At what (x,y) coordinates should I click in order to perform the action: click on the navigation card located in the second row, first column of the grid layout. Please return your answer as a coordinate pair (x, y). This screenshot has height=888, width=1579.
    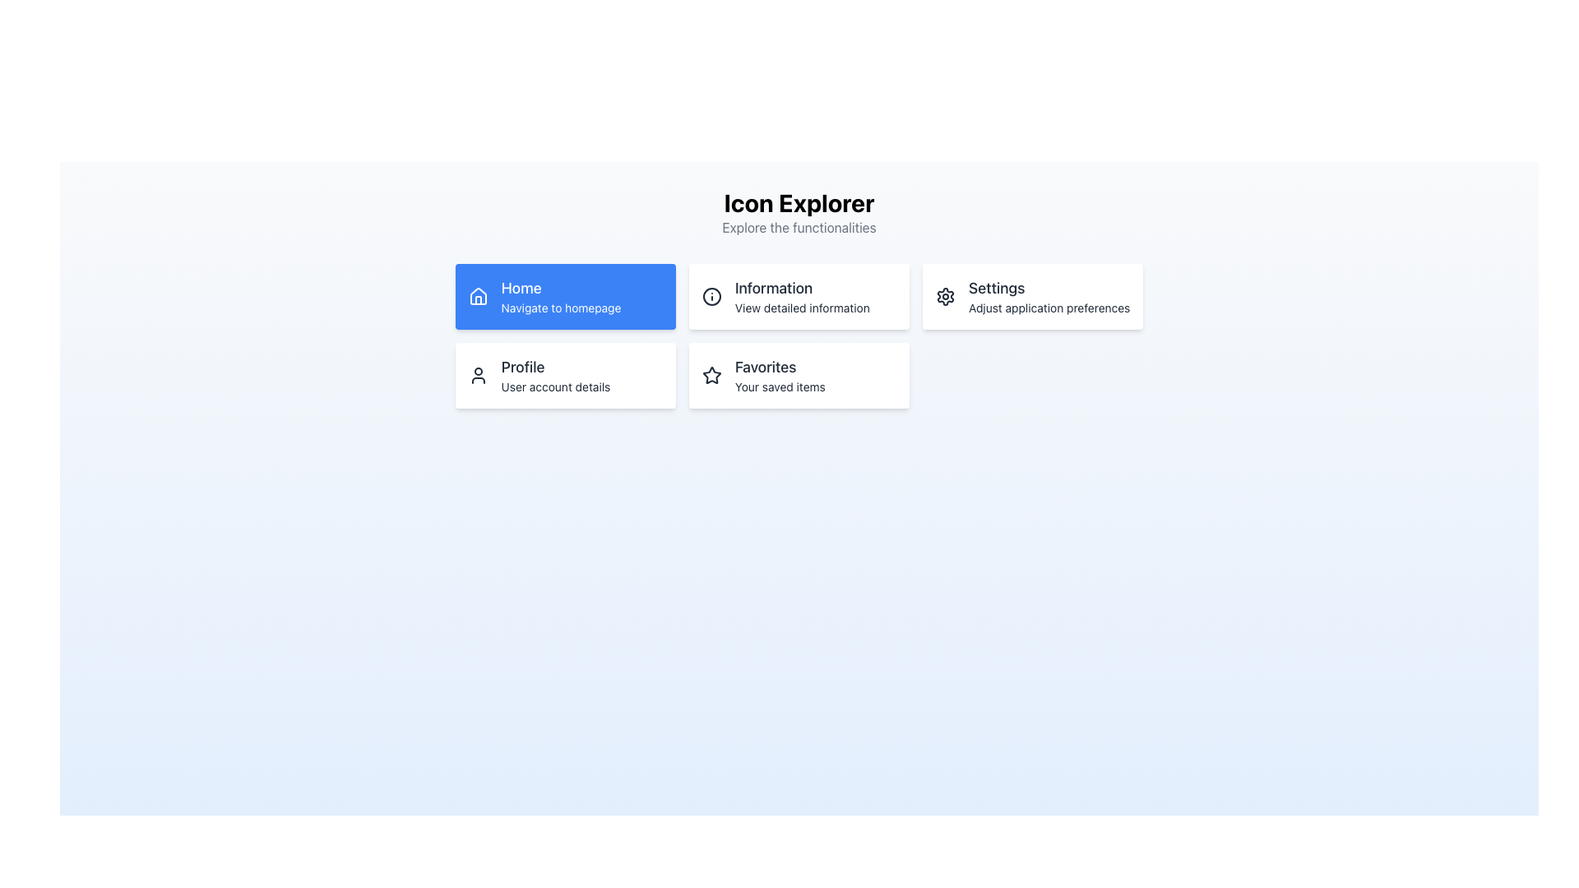
    Looking at the image, I should click on (565, 375).